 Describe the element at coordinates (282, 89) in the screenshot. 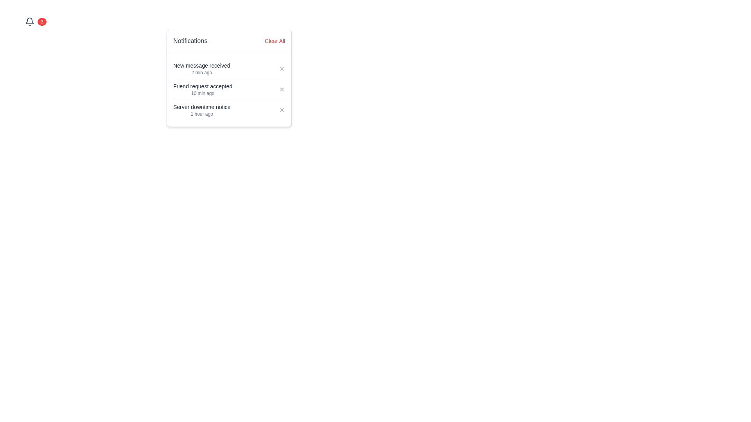

I see `the gray close icon resembling an 'X'` at that location.